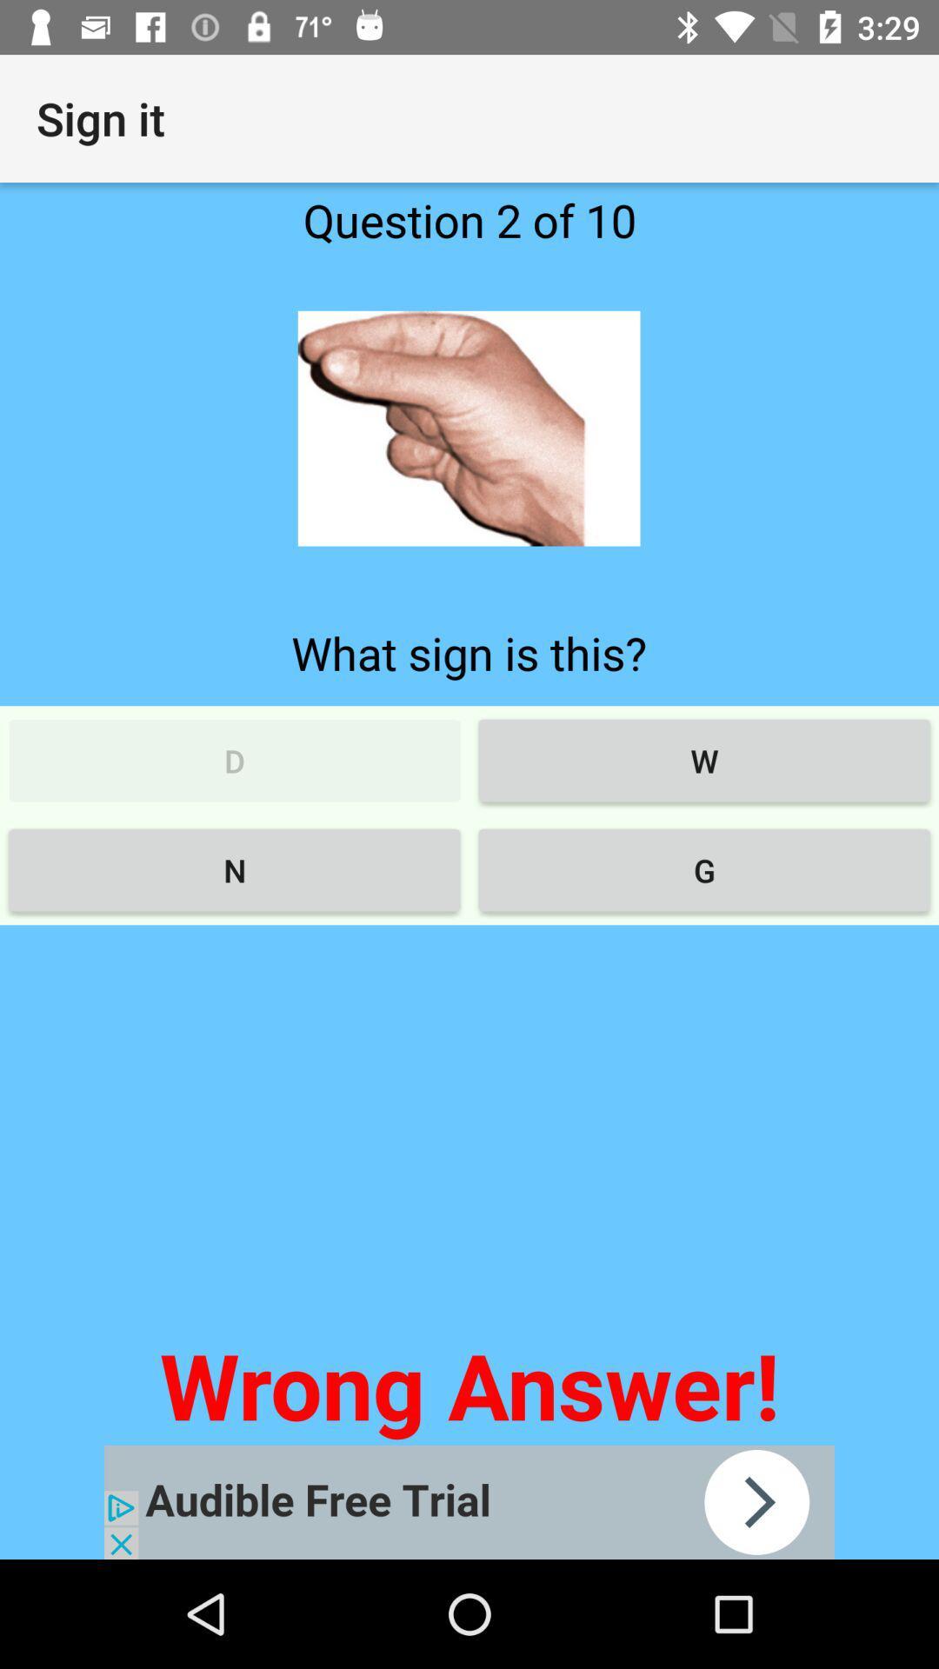 This screenshot has width=939, height=1669. What do you see at coordinates (469, 1501) in the screenshot?
I see `advertisement` at bounding box center [469, 1501].